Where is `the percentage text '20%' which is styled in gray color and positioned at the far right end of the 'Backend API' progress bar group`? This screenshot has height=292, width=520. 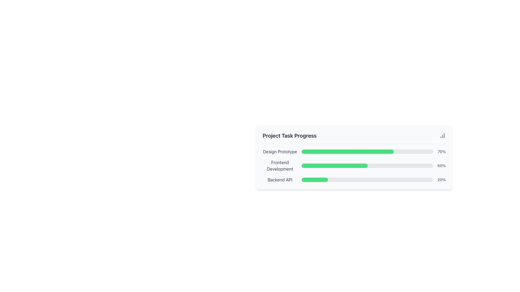
the percentage text '20%' which is styled in gray color and positioned at the far right end of the 'Backend API' progress bar group is located at coordinates (441, 180).